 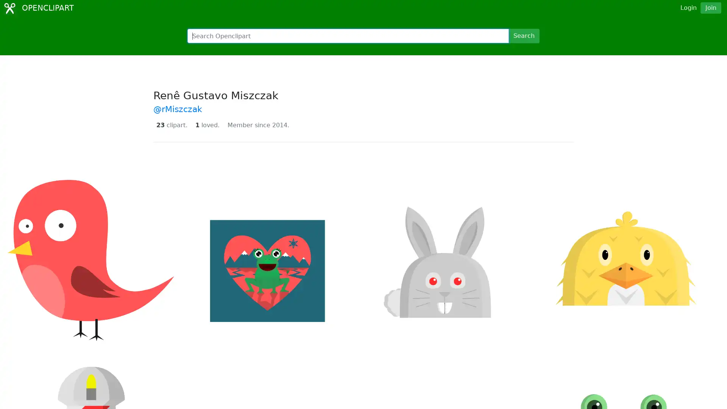 What do you see at coordinates (523, 36) in the screenshot?
I see `Search` at bounding box center [523, 36].